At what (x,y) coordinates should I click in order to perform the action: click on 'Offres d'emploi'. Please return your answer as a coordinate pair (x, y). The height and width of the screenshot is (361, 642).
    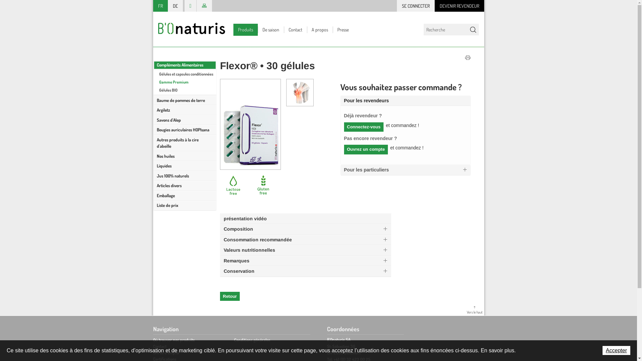
    Looking at the image, I should click on (166, 352).